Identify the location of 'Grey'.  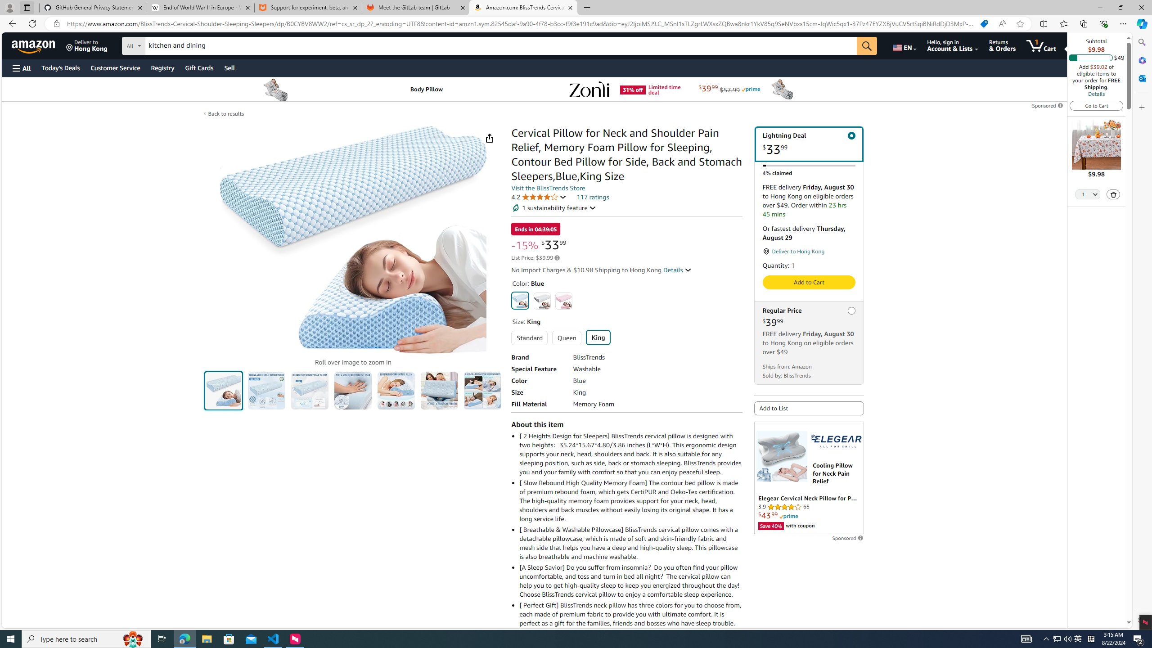
(541, 300).